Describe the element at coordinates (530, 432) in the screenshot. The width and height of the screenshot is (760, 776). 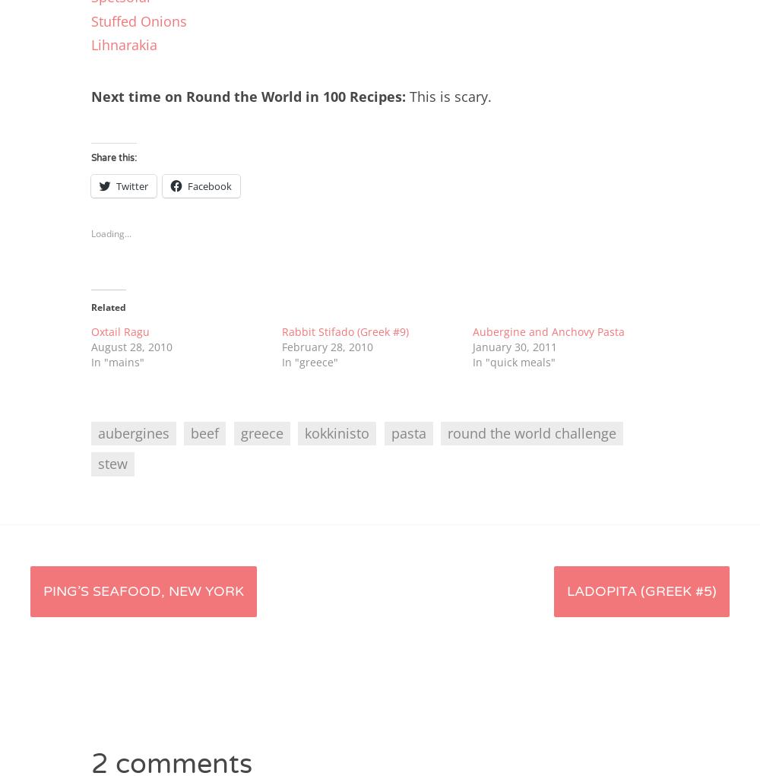
I see `'round the world challenge'` at that location.